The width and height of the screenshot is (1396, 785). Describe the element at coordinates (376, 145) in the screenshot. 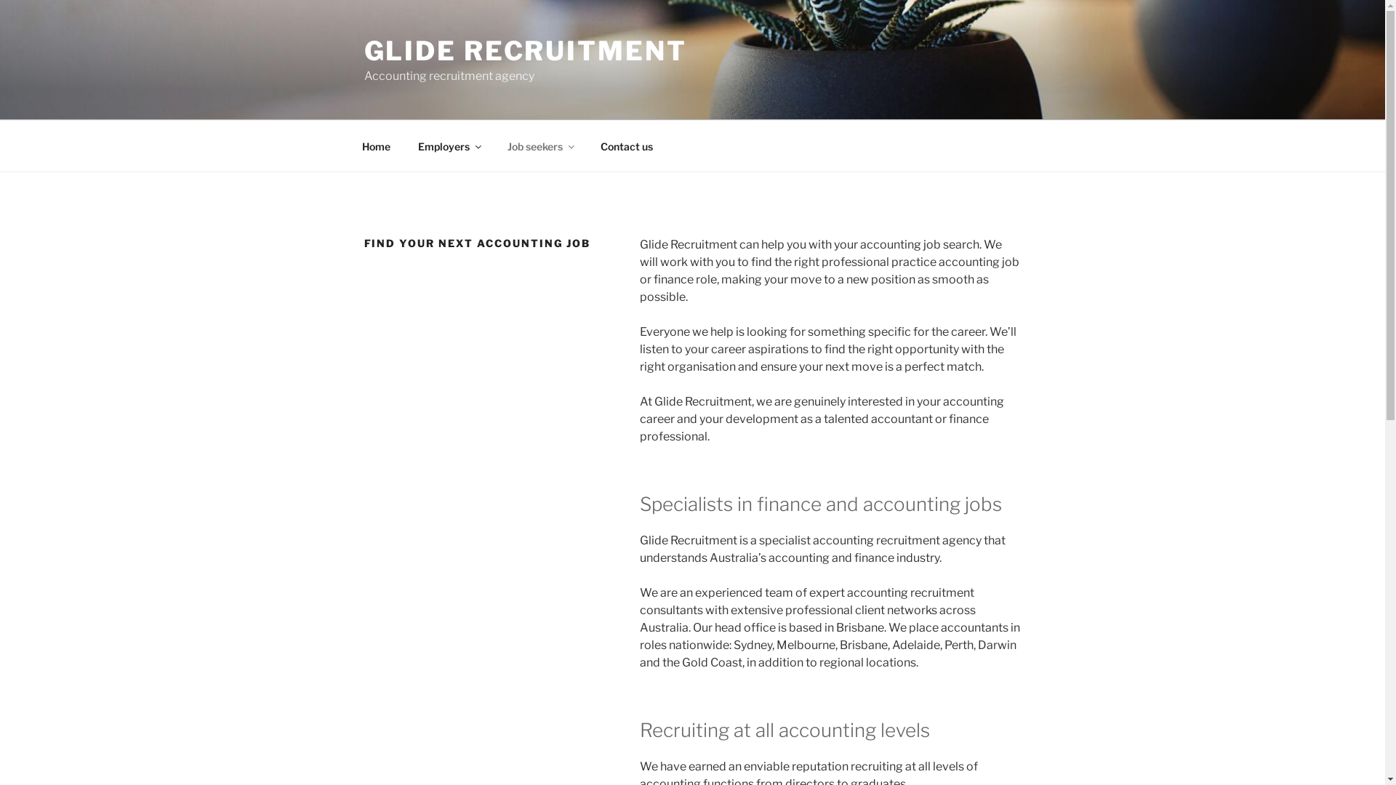

I see `'Home'` at that location.